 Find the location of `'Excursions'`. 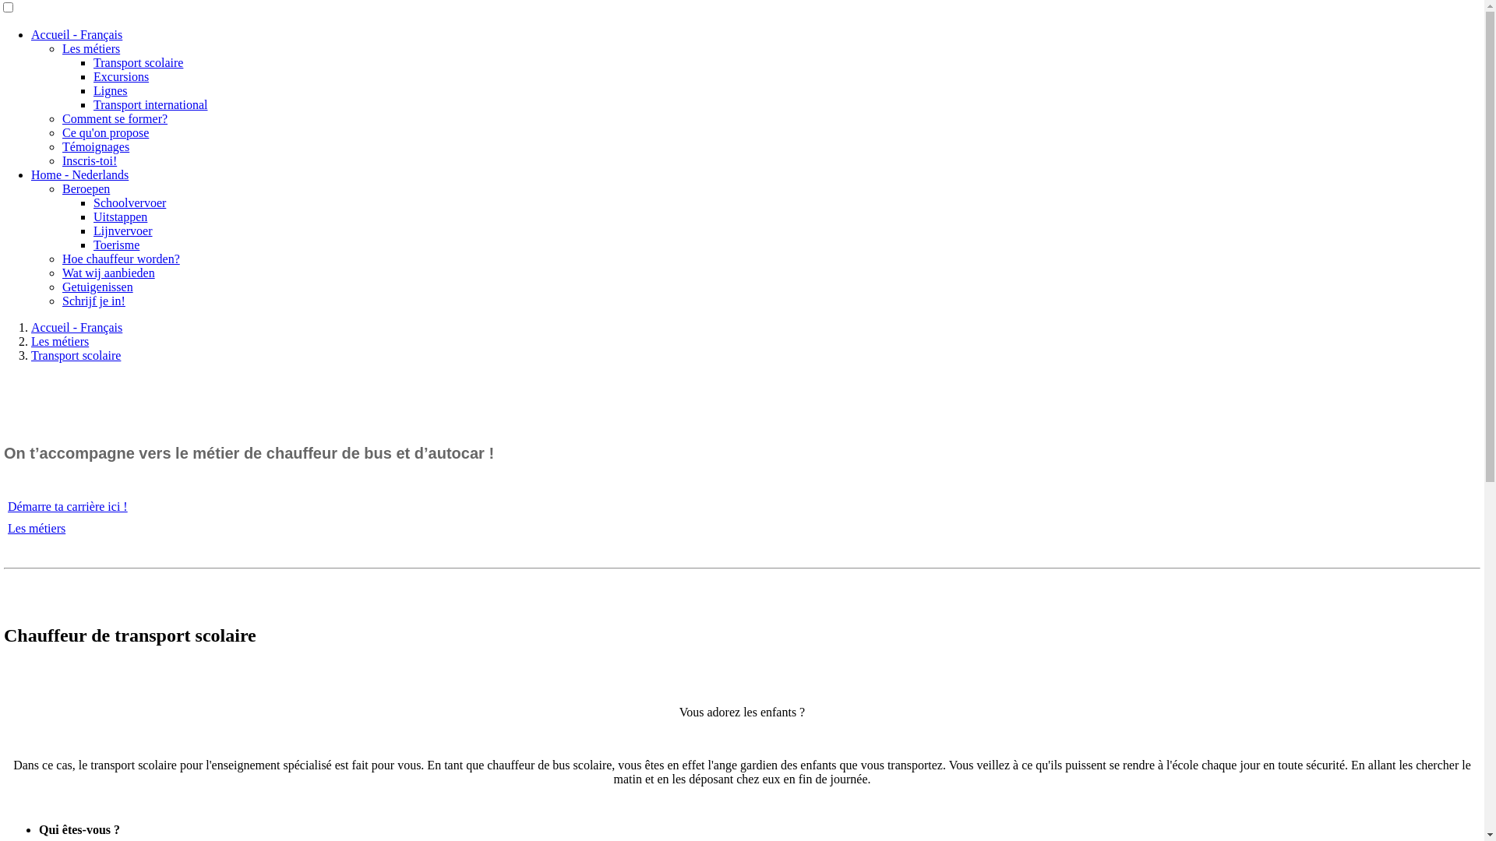

'Excursions' is located at coordinates (93, 76).